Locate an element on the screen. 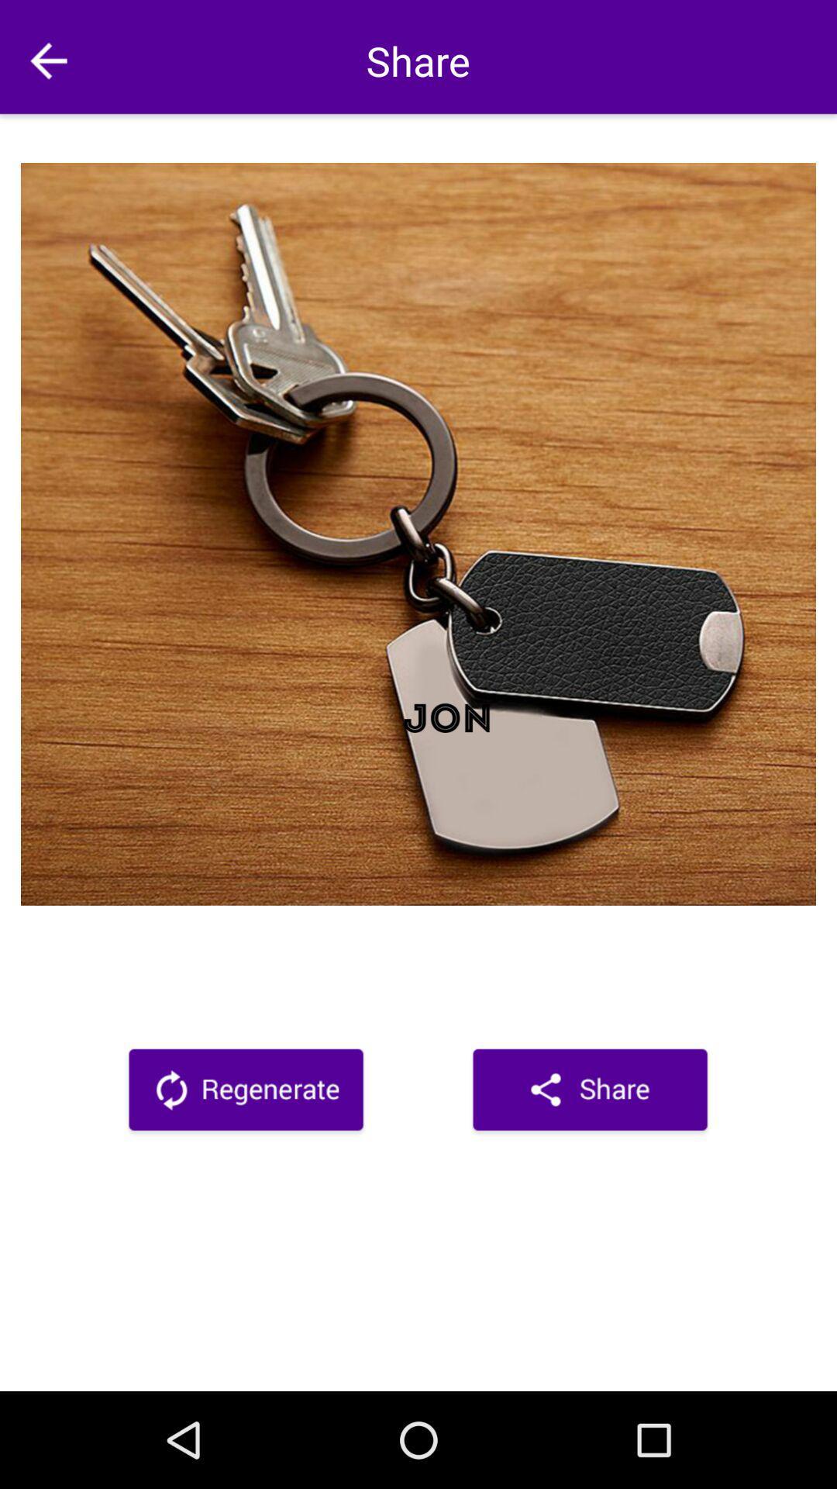 The height and width of the screenshot is (1489, 837). regenerate is located at coordinates (245, 1092).